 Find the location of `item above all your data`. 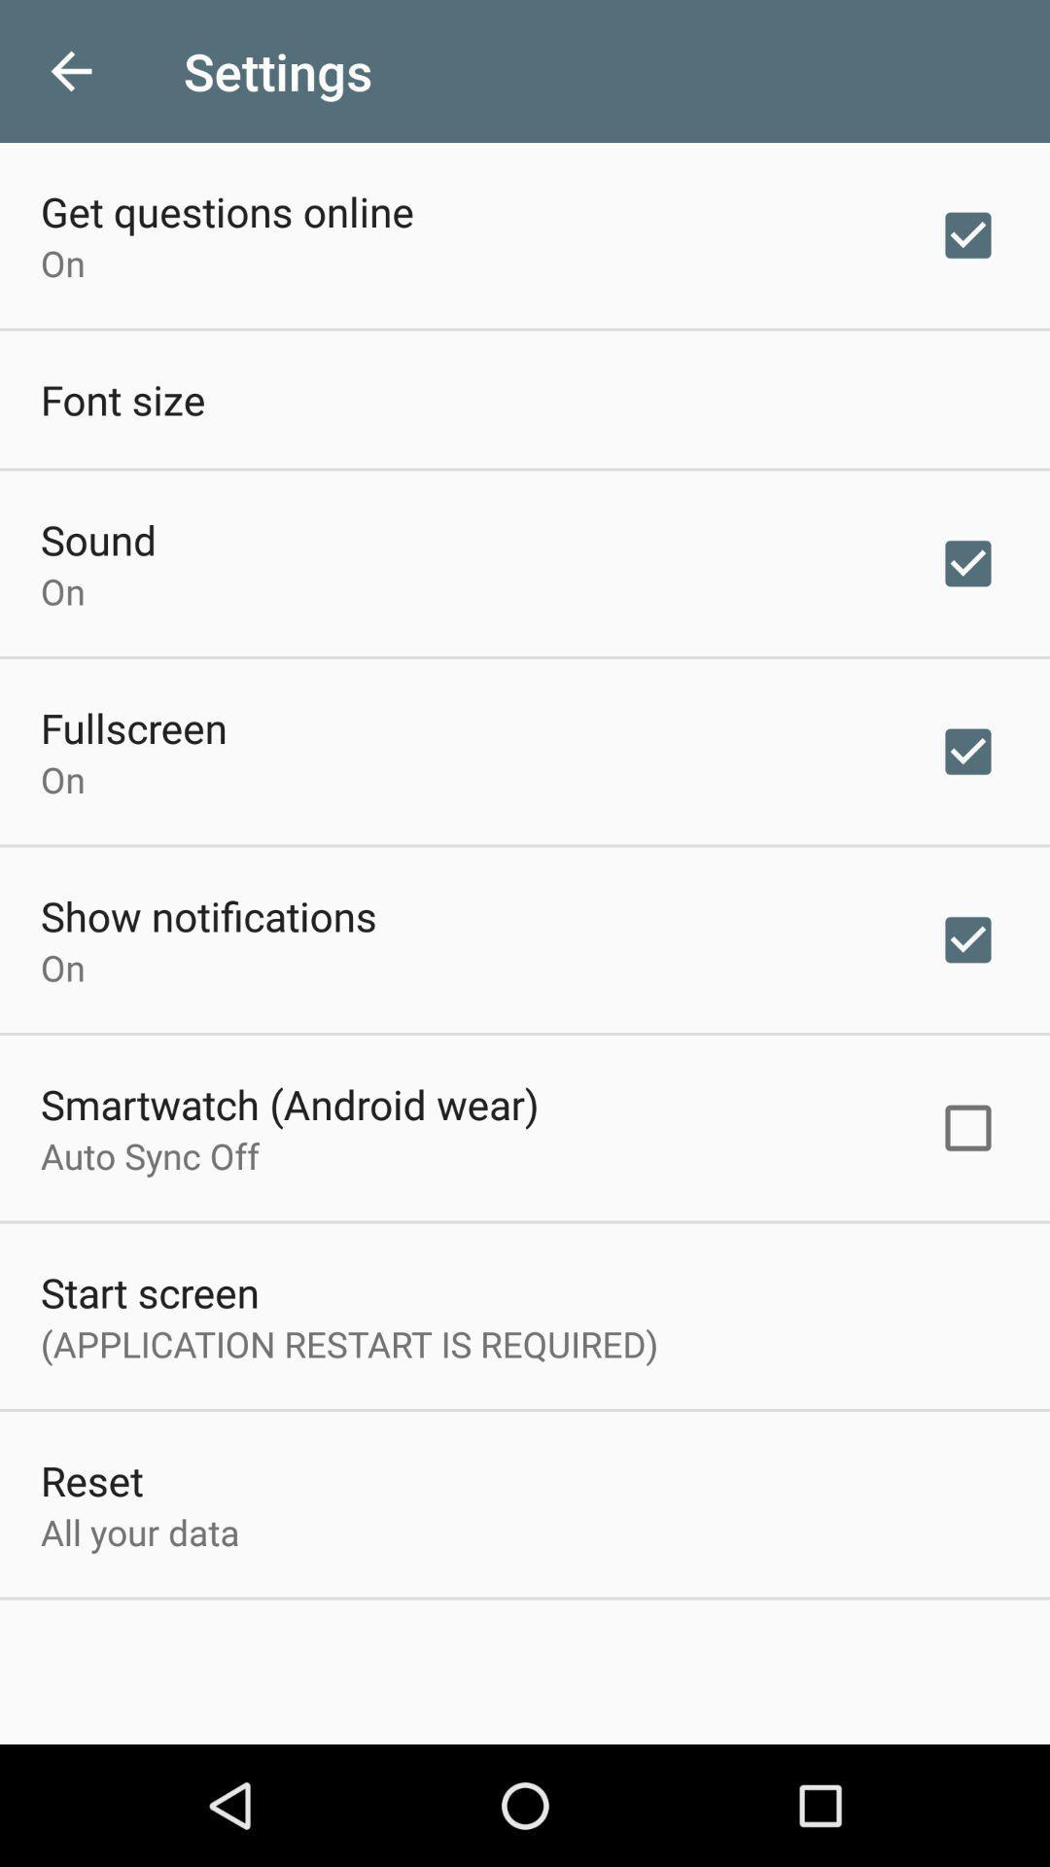

item above all your data is located at coordinates (91, 1479).